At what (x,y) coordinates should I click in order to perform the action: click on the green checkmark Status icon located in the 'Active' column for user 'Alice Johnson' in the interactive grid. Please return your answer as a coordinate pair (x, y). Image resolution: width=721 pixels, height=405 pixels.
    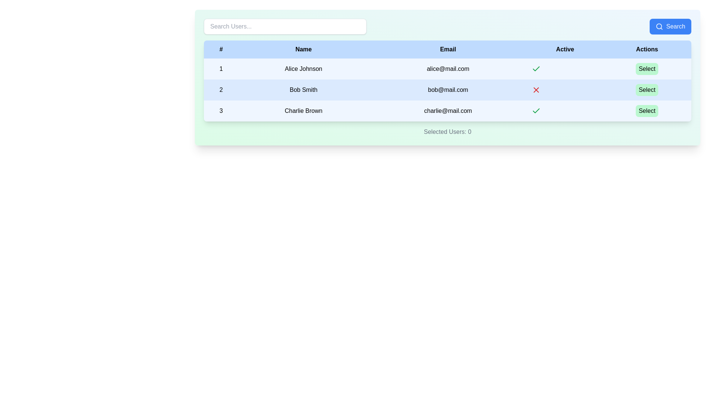
    Looking at the image, I should click on (536, 111).